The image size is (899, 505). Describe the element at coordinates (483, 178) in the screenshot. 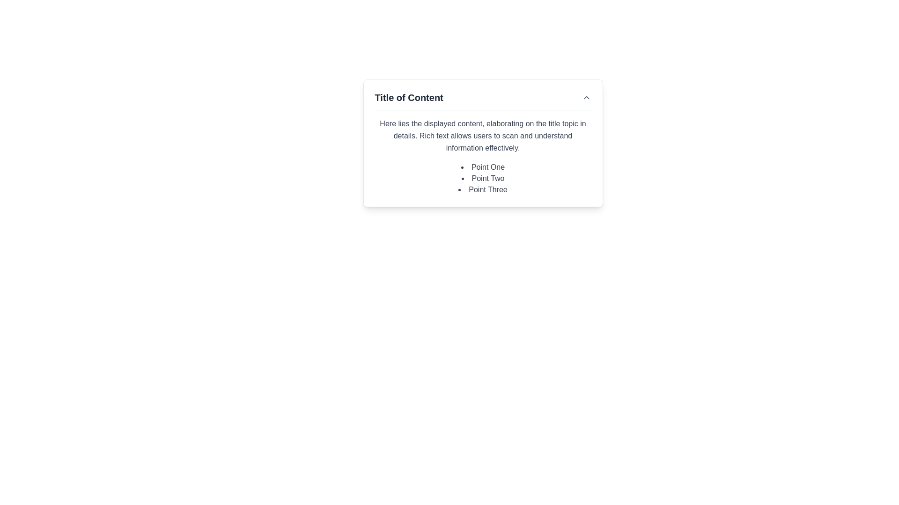

I see `content displayed in the Text Display Item labeled 'Point Two', which is the second item in a vertically aligned list` at that location.